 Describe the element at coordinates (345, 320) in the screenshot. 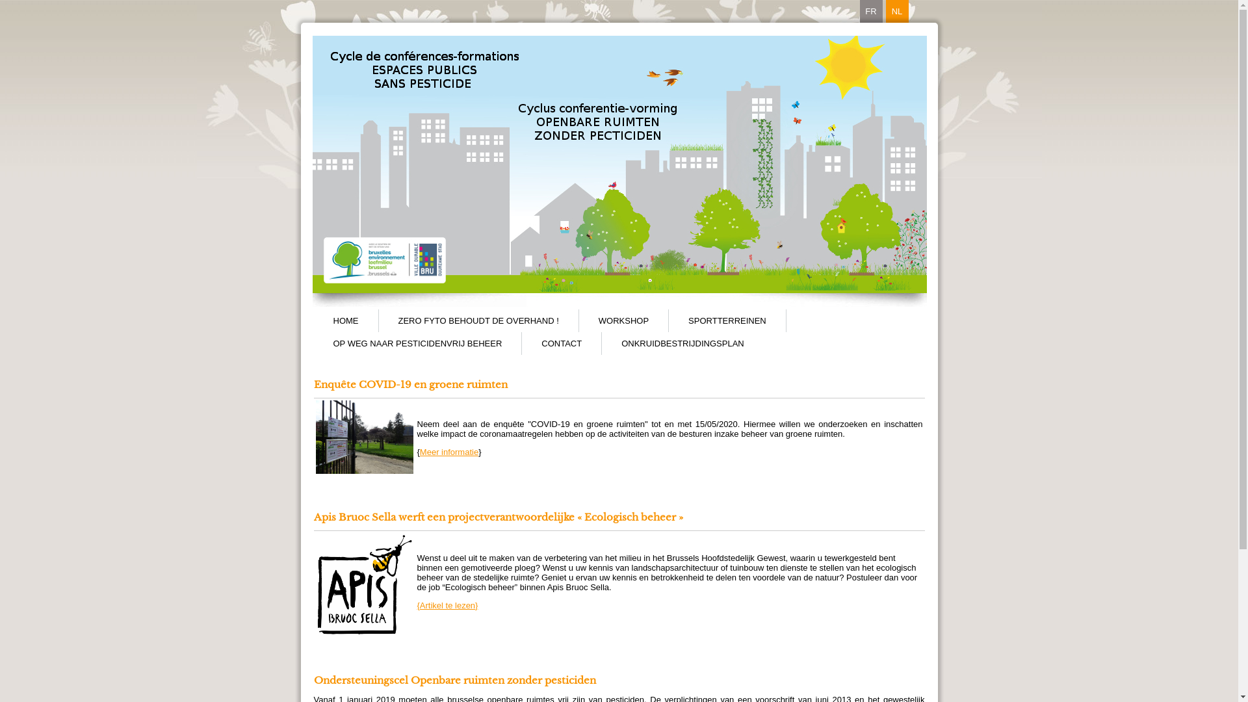

I see `'HOME'` at that location.